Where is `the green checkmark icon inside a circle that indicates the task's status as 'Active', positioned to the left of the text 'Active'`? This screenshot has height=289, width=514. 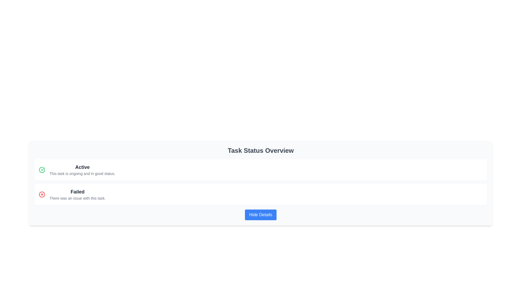
the green checkmark icon inside a circle that indicates the task's status as 'Active', positioned to the left of the text 'Active' is located at coordinates (44, 170).